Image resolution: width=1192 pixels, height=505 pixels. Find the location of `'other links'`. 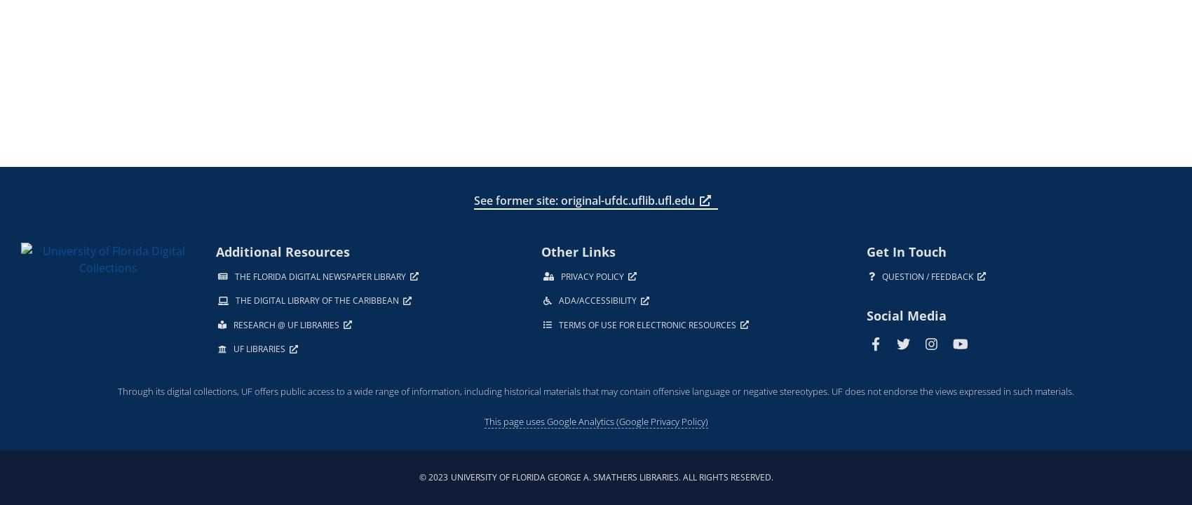

'other links' is located at coordinates (578, 250).